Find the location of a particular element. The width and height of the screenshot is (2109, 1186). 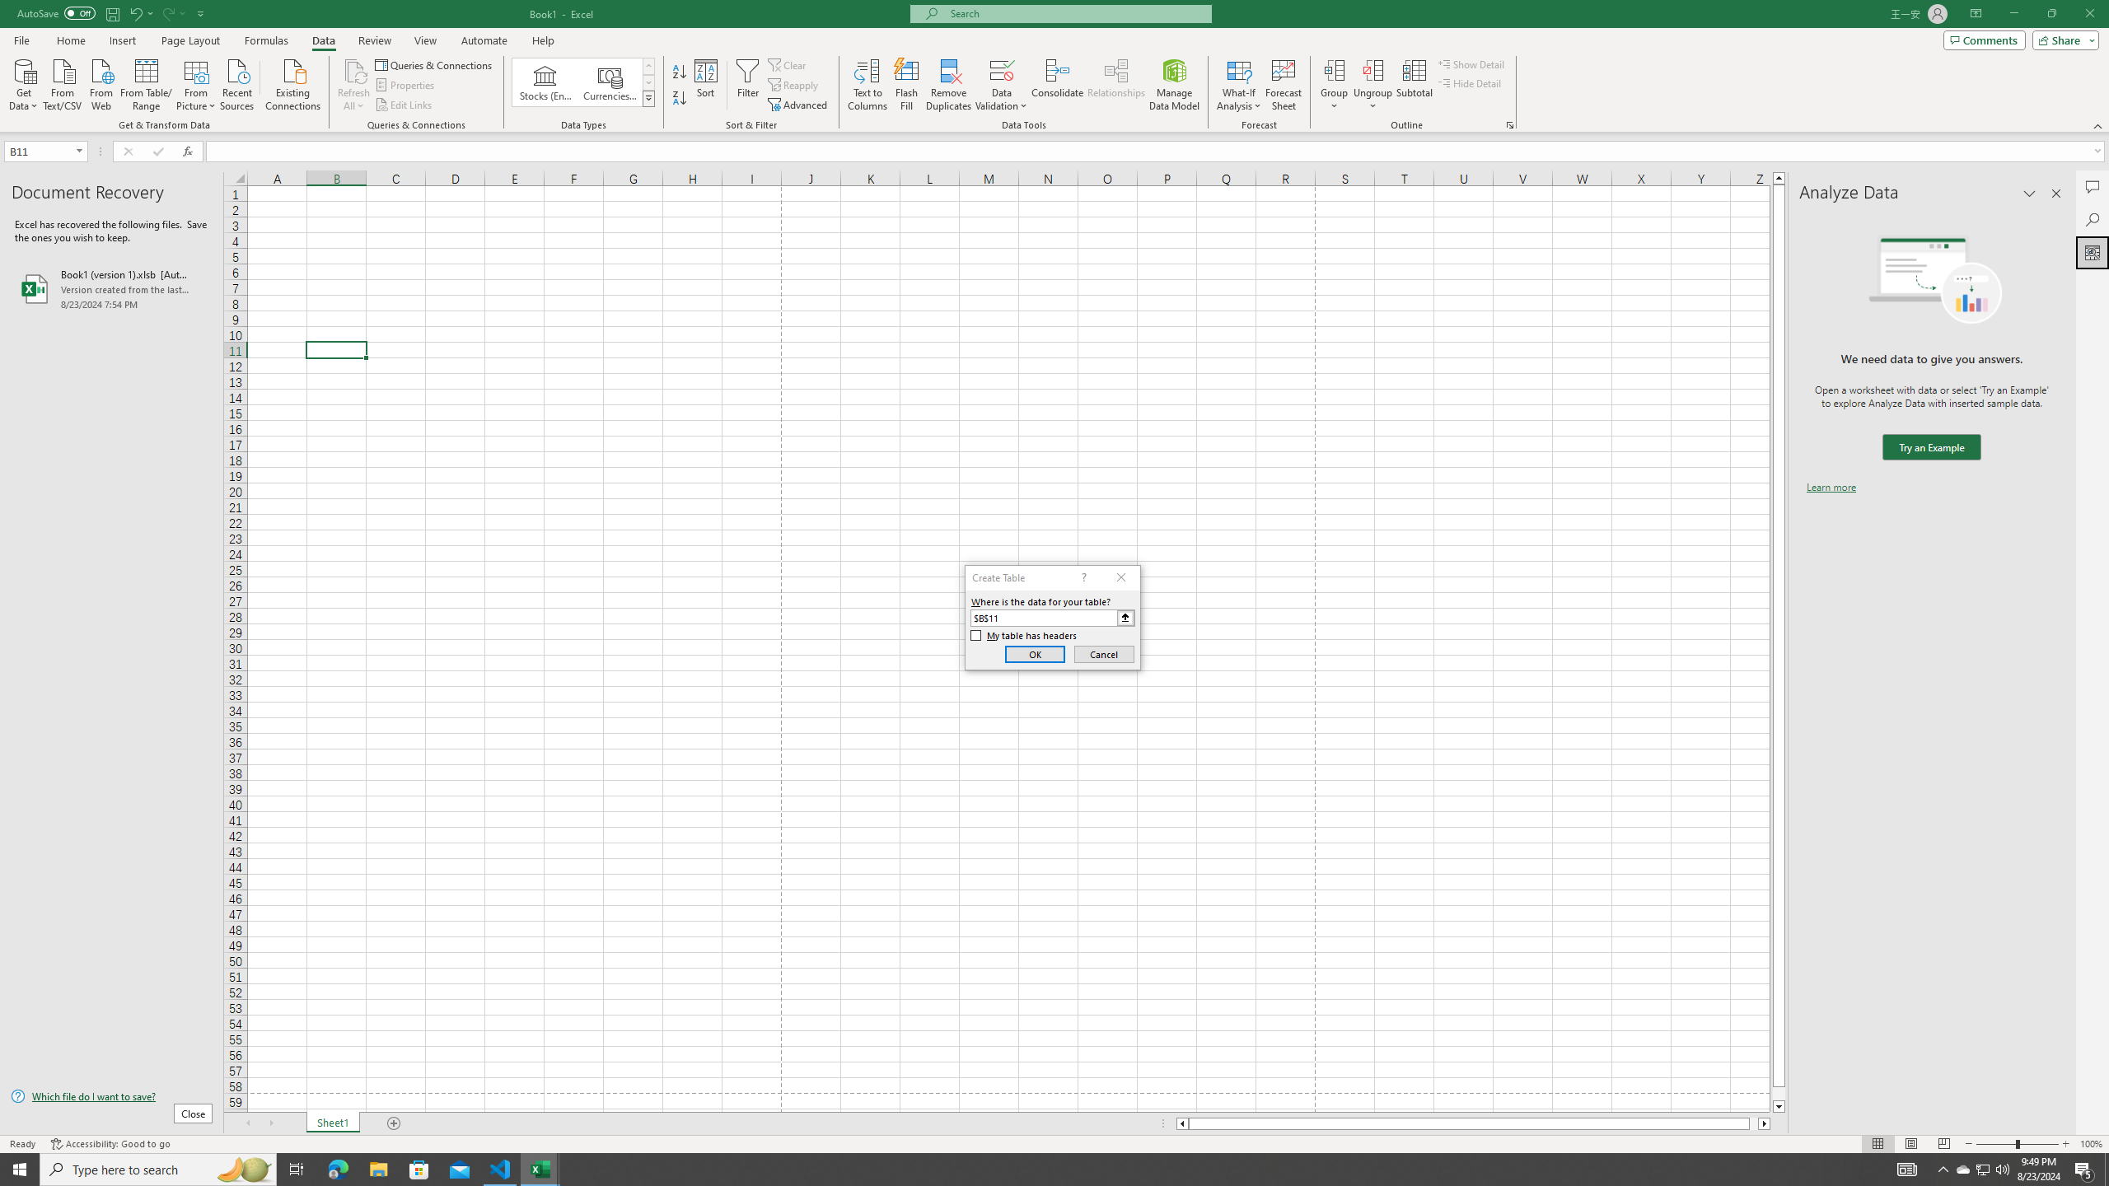

'Manage Data Model' is located at coordinates (1173, 85).